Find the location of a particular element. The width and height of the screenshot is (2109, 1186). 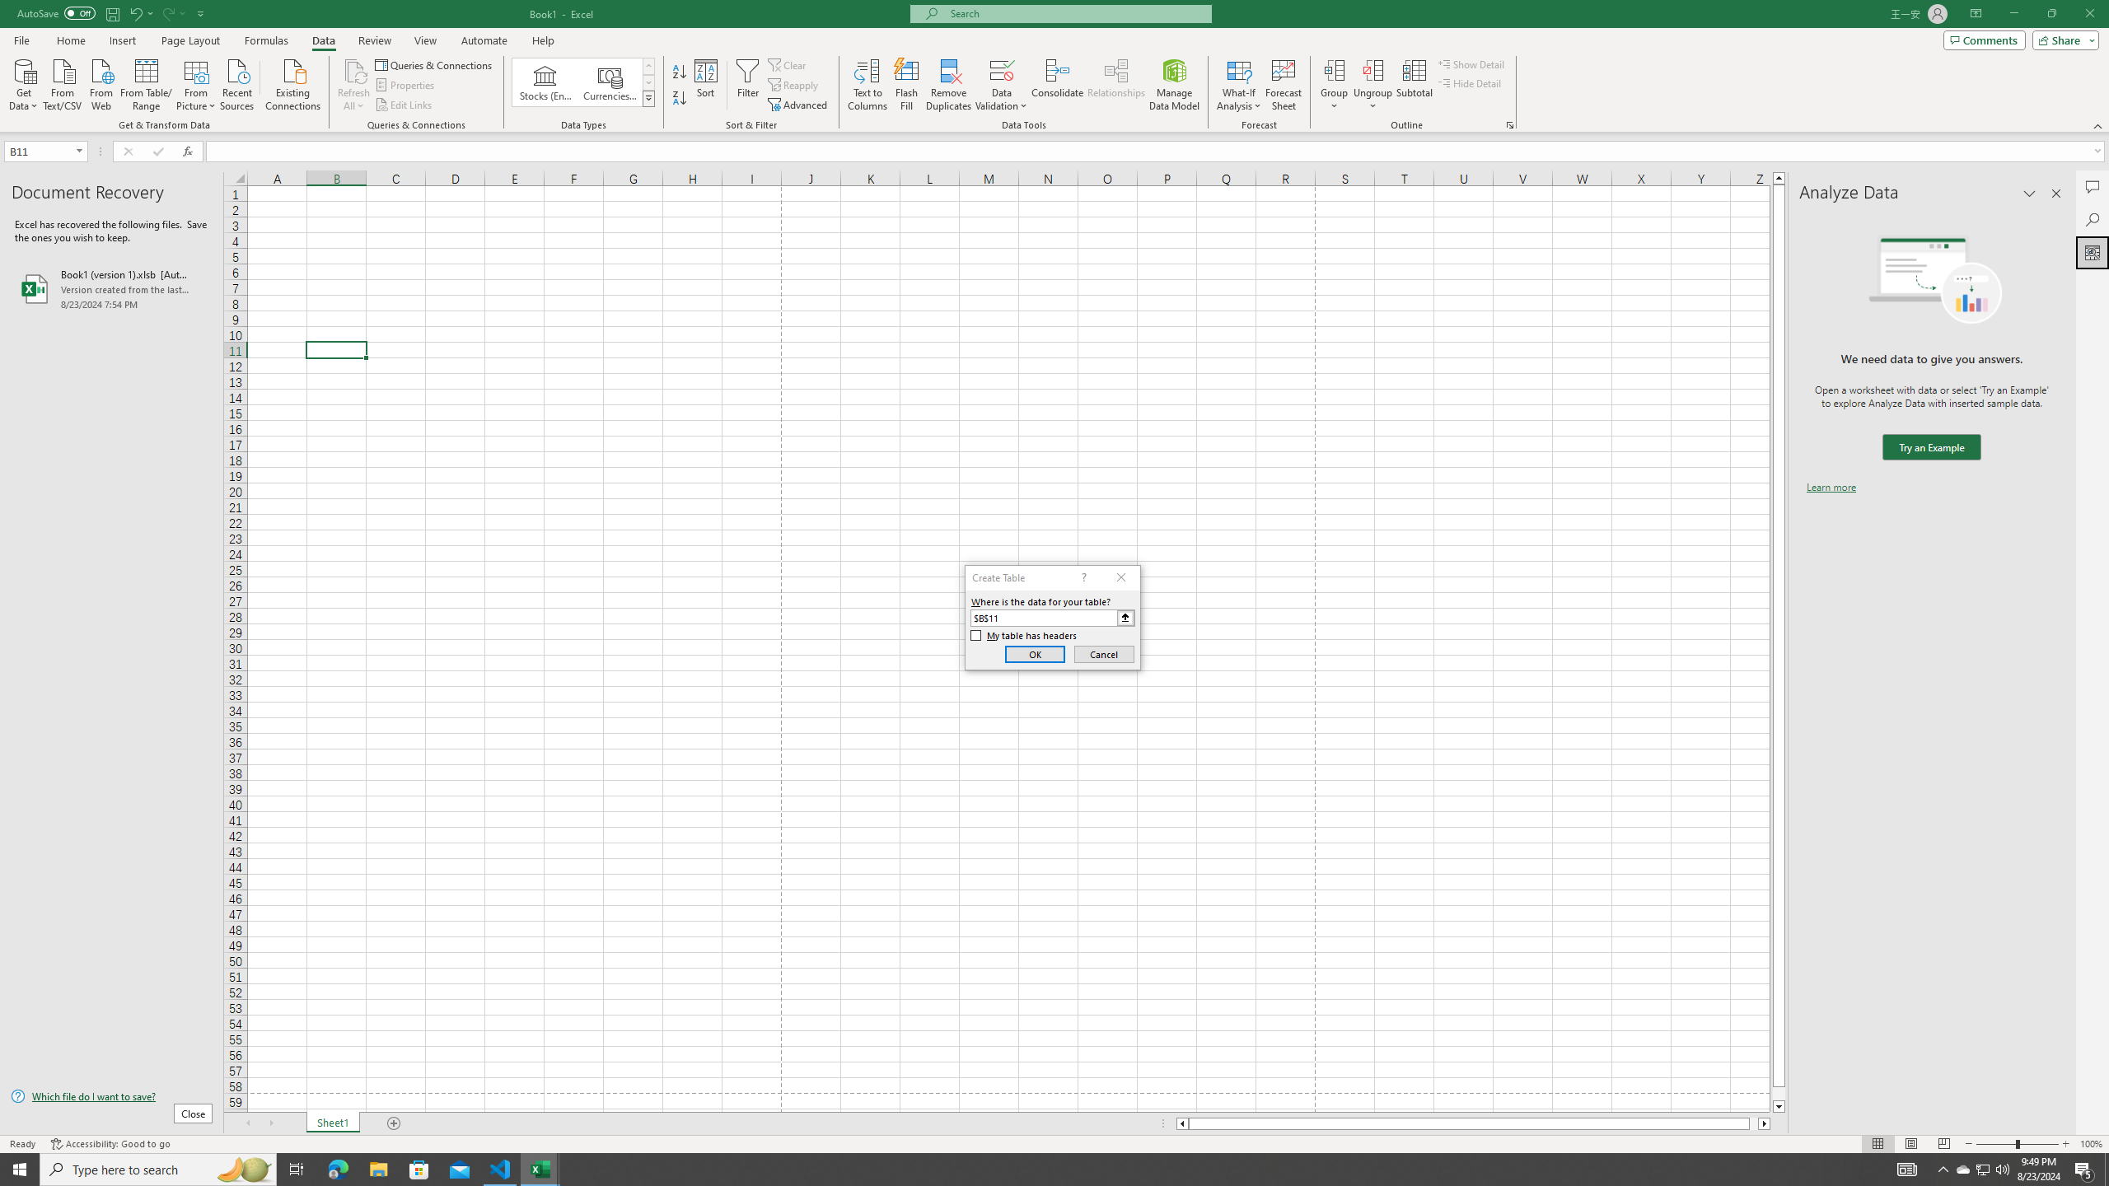

'Manage Data Model' is located at coordinates (1173, 85).